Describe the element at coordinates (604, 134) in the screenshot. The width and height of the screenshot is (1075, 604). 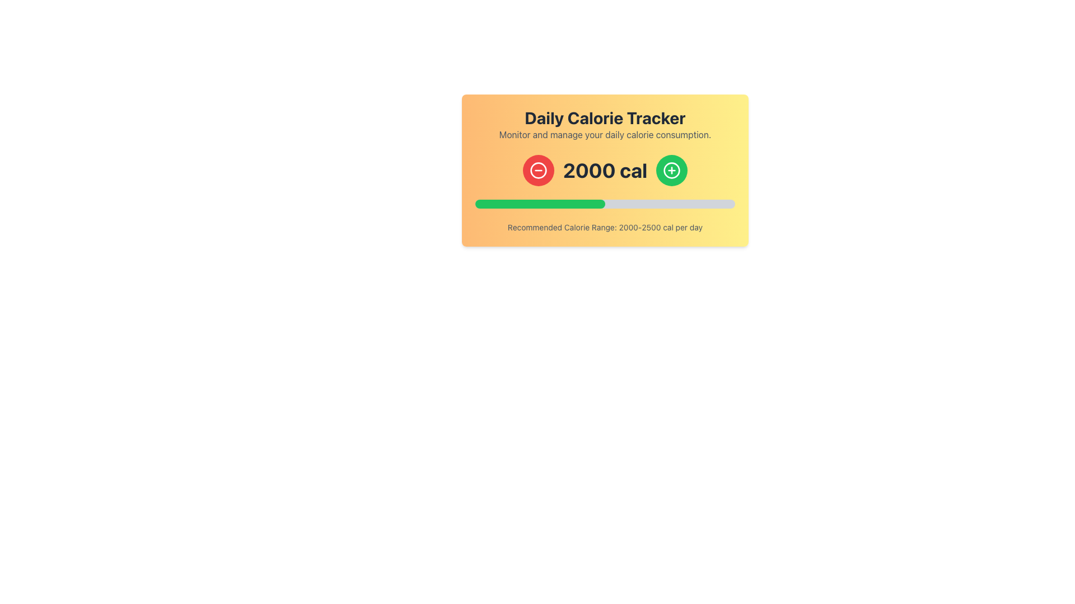
I see `information displayed in the text element that says 'Monitor and manage your daily calorie consumption.', which is styled in medium gray font on a light orange-yellow gradient background, located below the title 'Daily Calorie Tracker'` at that location.